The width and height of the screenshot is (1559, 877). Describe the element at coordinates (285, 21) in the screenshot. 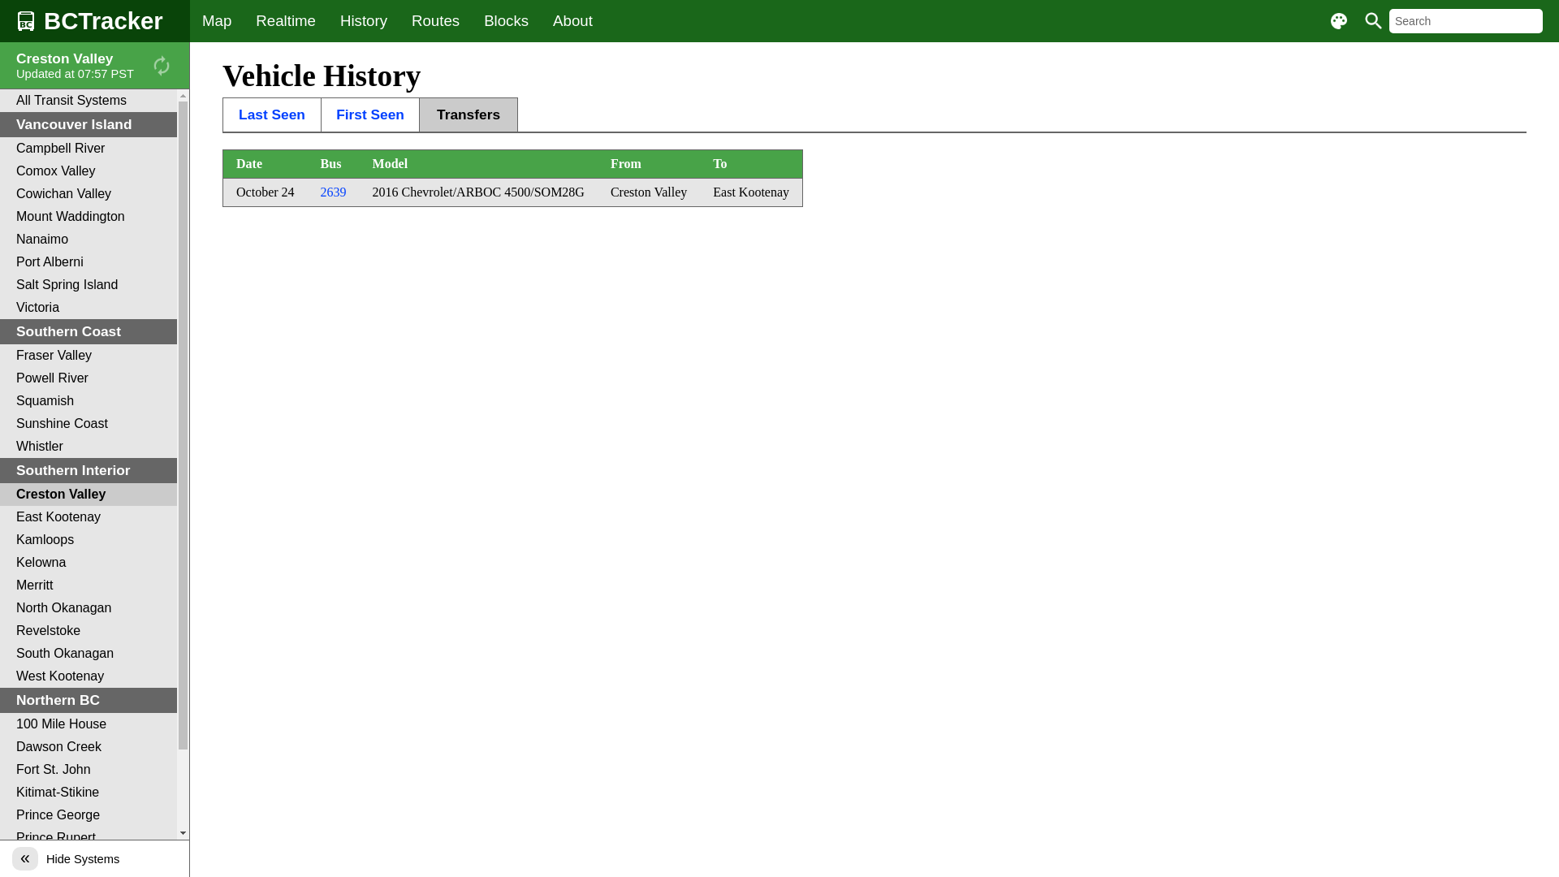

I see `'Realtime'` at that location.